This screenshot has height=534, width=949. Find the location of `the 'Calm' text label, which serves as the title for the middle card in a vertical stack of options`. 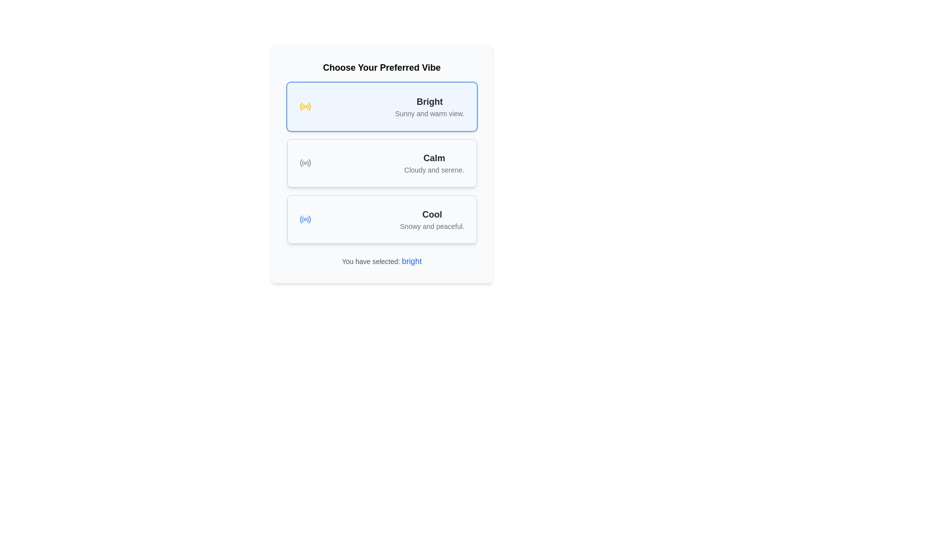

the 'Calm' text label, which serves as the title for the middle card in a vertical stack of options is located at coordinates (434, 158).